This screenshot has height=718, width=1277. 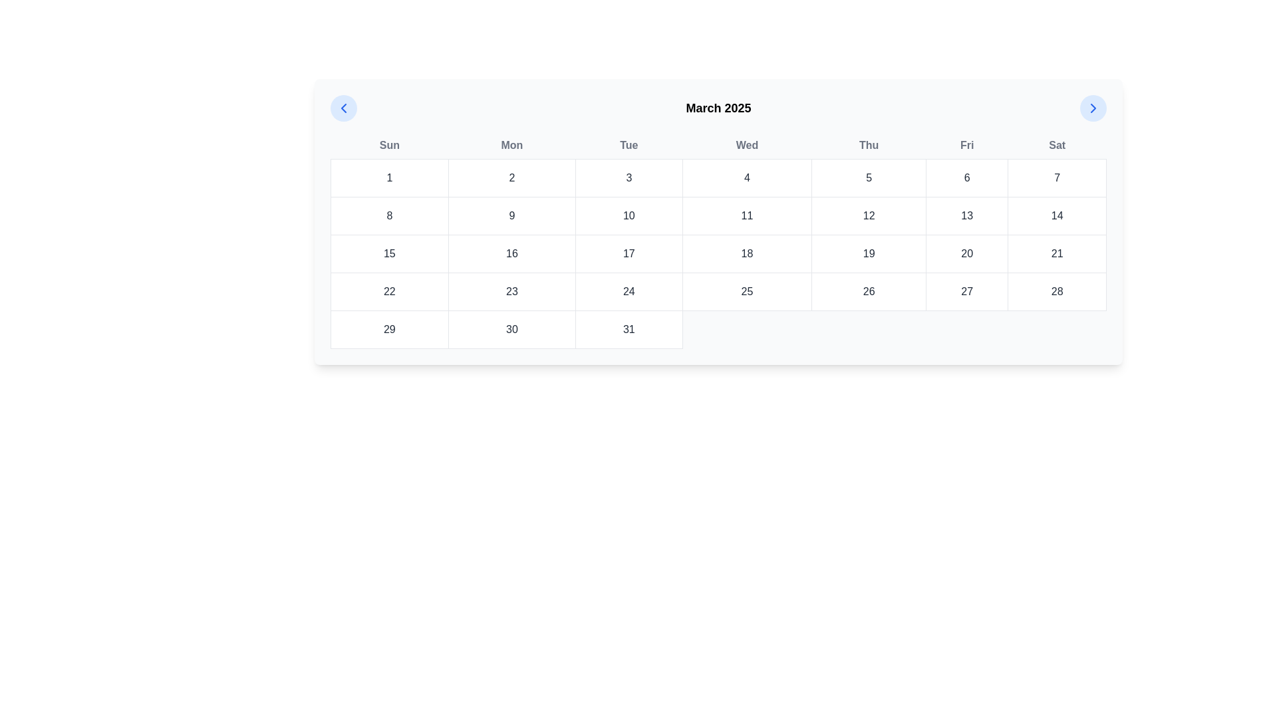 What do you see at coordinates (1056, 291) in the screenshot?
I see `the selectable calendar date cell representing the 28th day of the month` at bounding box center [1056, 291].